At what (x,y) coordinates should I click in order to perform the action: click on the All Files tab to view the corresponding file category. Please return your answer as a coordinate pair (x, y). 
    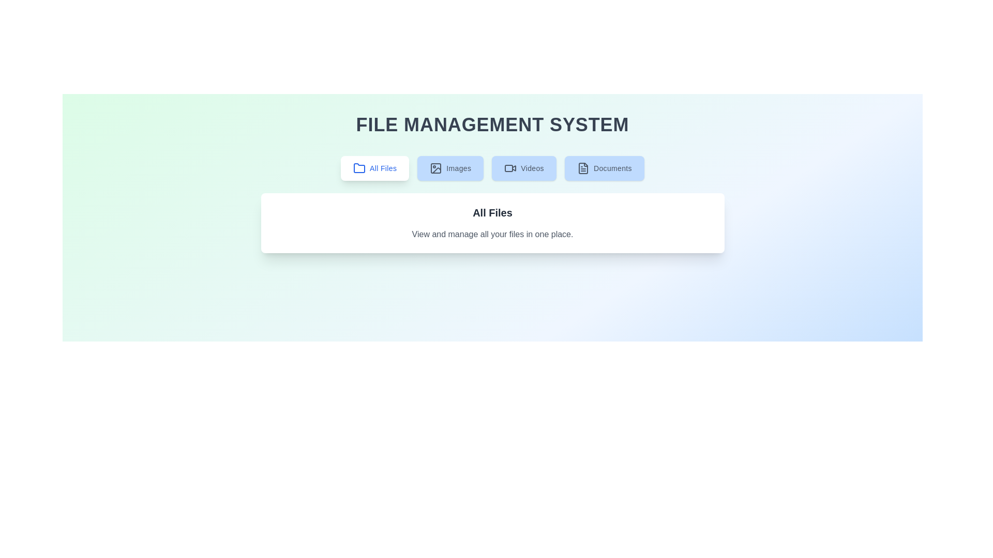
    Looking at the image, I should click on (374, 168).